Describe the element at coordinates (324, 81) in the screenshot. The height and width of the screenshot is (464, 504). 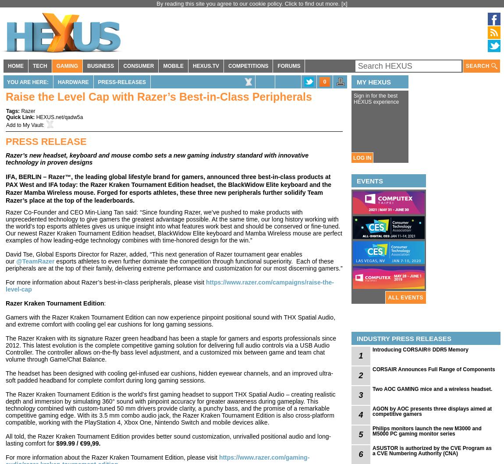
I see `'0'` at that location.